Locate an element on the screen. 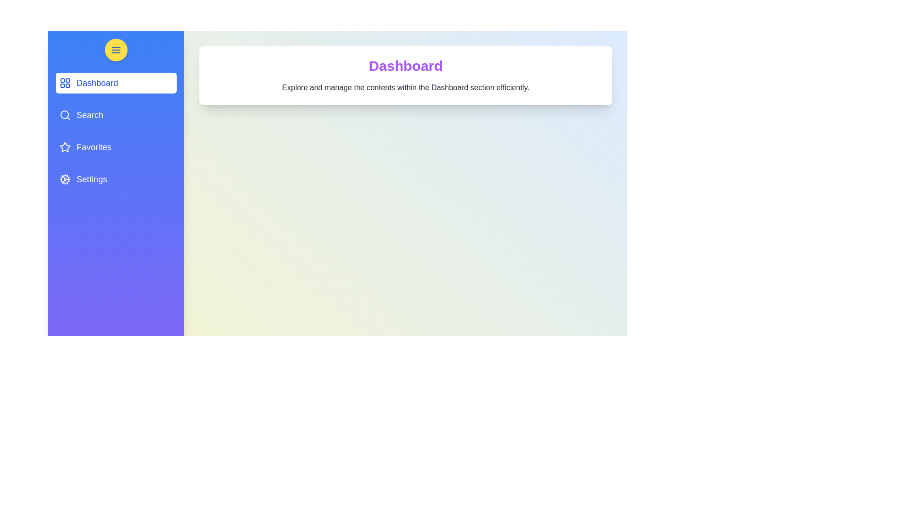 The image size is (907, 510). the navigation item labeled Search to view its hover effect is located at coordinates (115, 114).